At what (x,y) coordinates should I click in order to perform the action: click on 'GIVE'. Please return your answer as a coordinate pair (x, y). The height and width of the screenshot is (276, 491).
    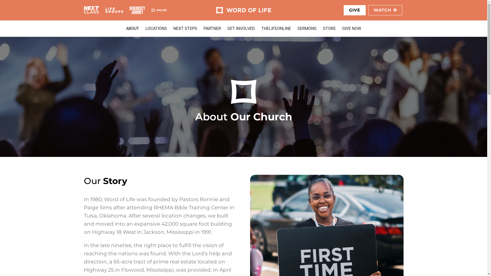
    Looking at the image, I should click on (354, 10).